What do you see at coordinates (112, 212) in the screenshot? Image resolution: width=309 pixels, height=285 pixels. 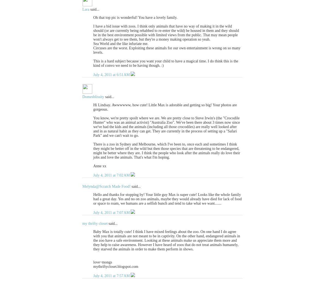 I see `'July 4, 2011 at 7:07 AM'` at bounding box center [112, 212].